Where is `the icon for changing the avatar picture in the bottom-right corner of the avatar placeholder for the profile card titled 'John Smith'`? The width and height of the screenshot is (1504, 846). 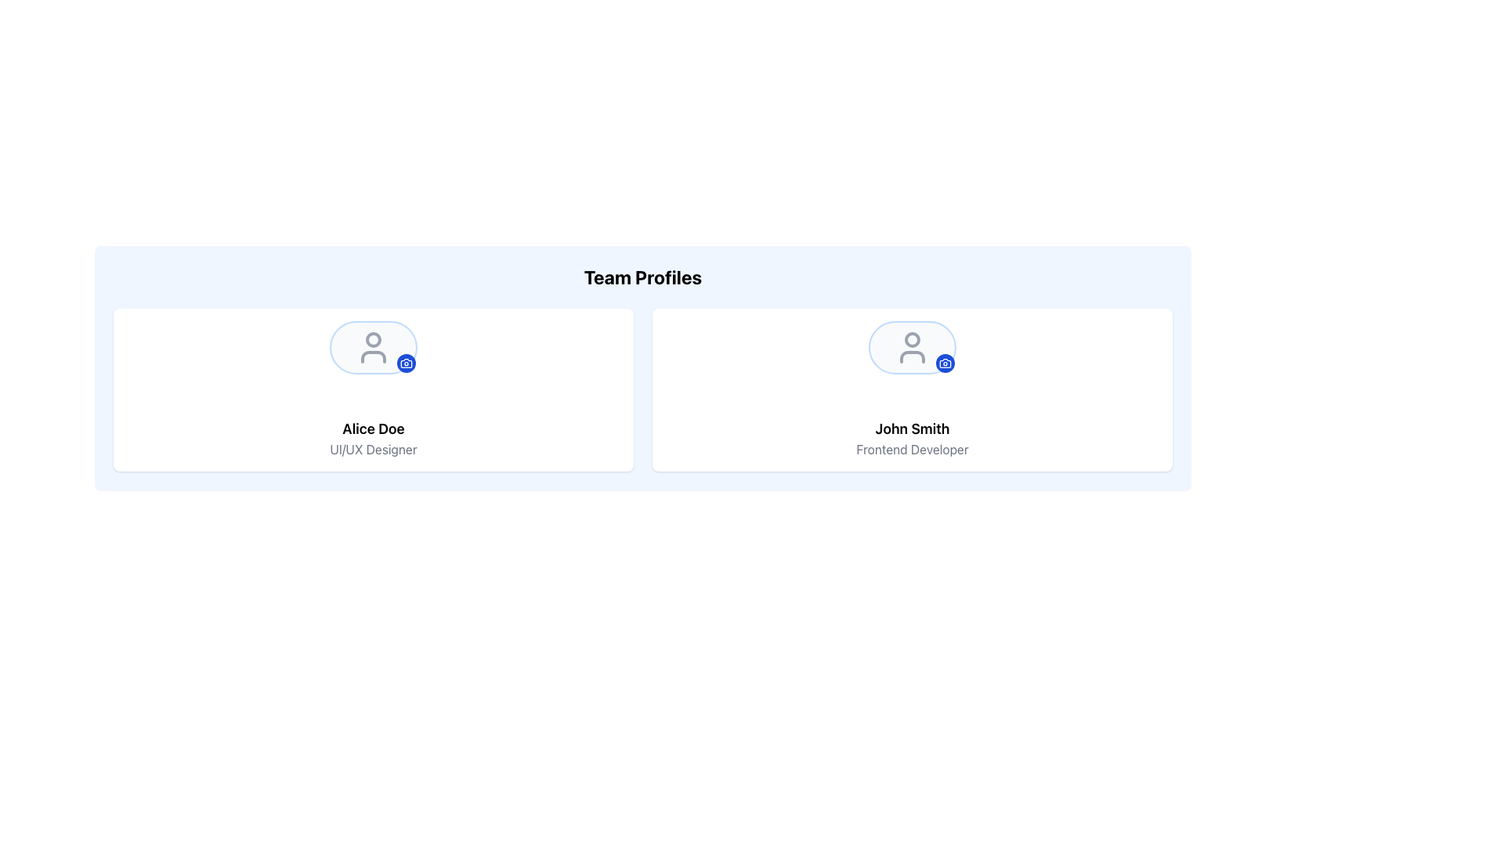 the icon for changing the avatar picture in the bottom-right corner of the avatar placeholder for the profile card titled 'John Smith' is located at coordinates (944, 363).